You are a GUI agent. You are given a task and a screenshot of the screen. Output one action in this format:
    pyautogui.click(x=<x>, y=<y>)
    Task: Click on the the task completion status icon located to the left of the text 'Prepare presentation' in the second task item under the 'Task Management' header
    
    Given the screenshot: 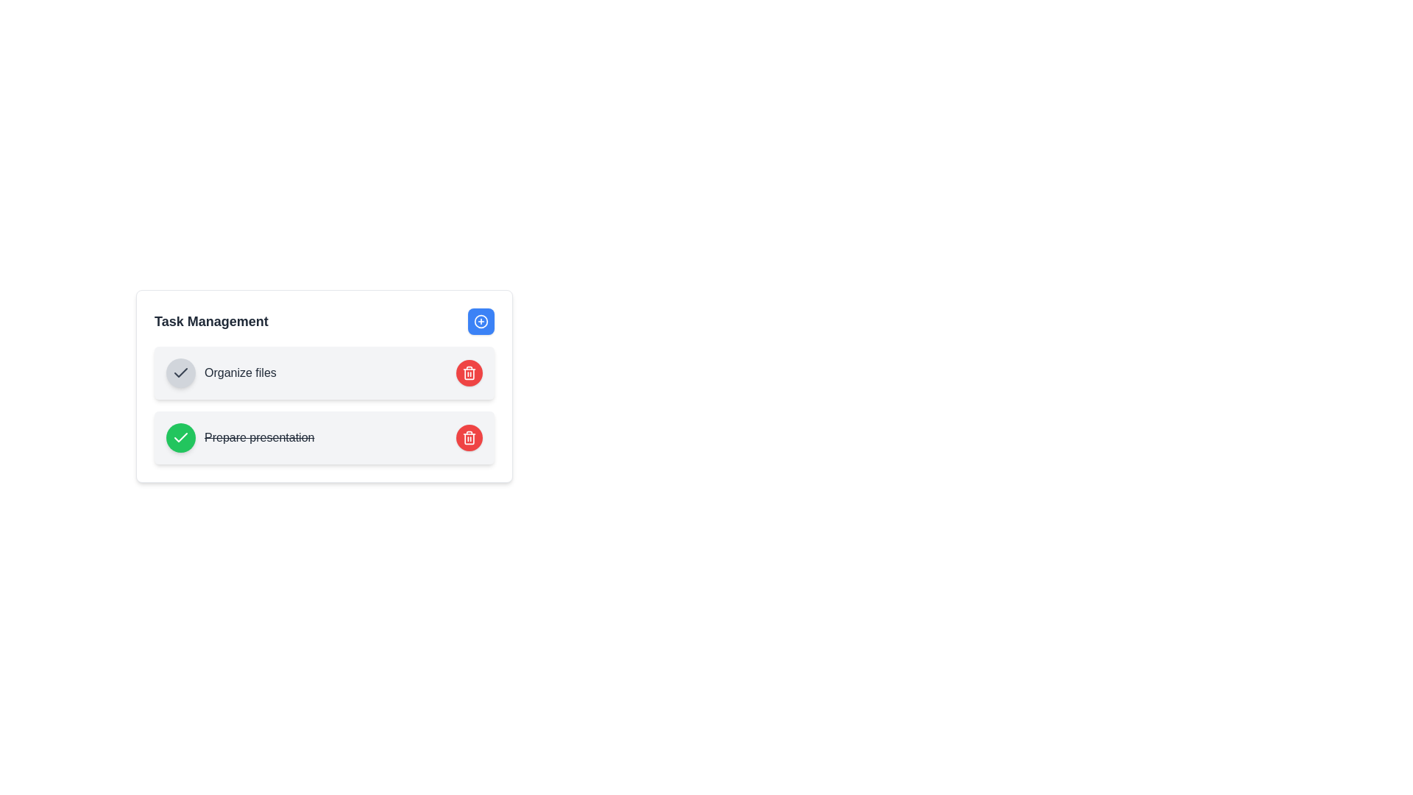 What is the action you would take?
    pyautogui.click(x=180, y=371)
    